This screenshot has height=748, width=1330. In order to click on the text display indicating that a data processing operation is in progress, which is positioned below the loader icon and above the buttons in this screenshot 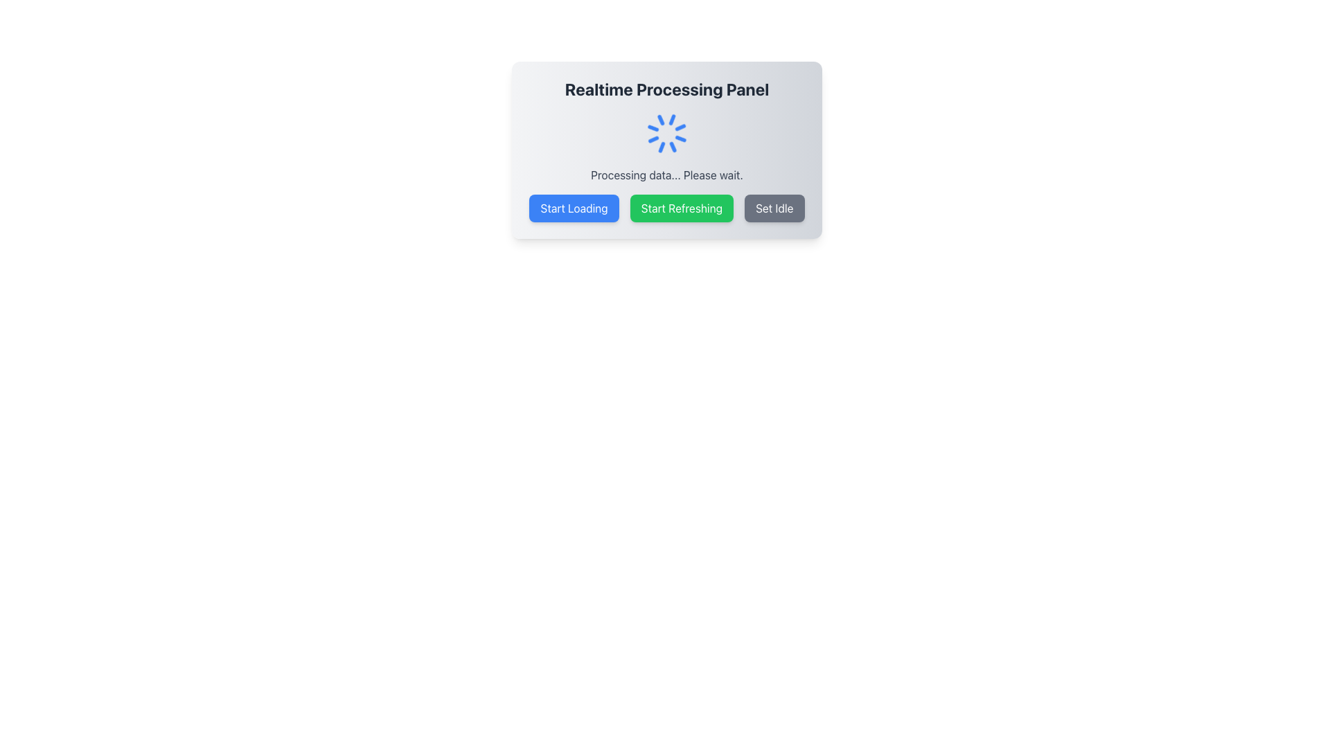, I will do `click(667, 175)`.